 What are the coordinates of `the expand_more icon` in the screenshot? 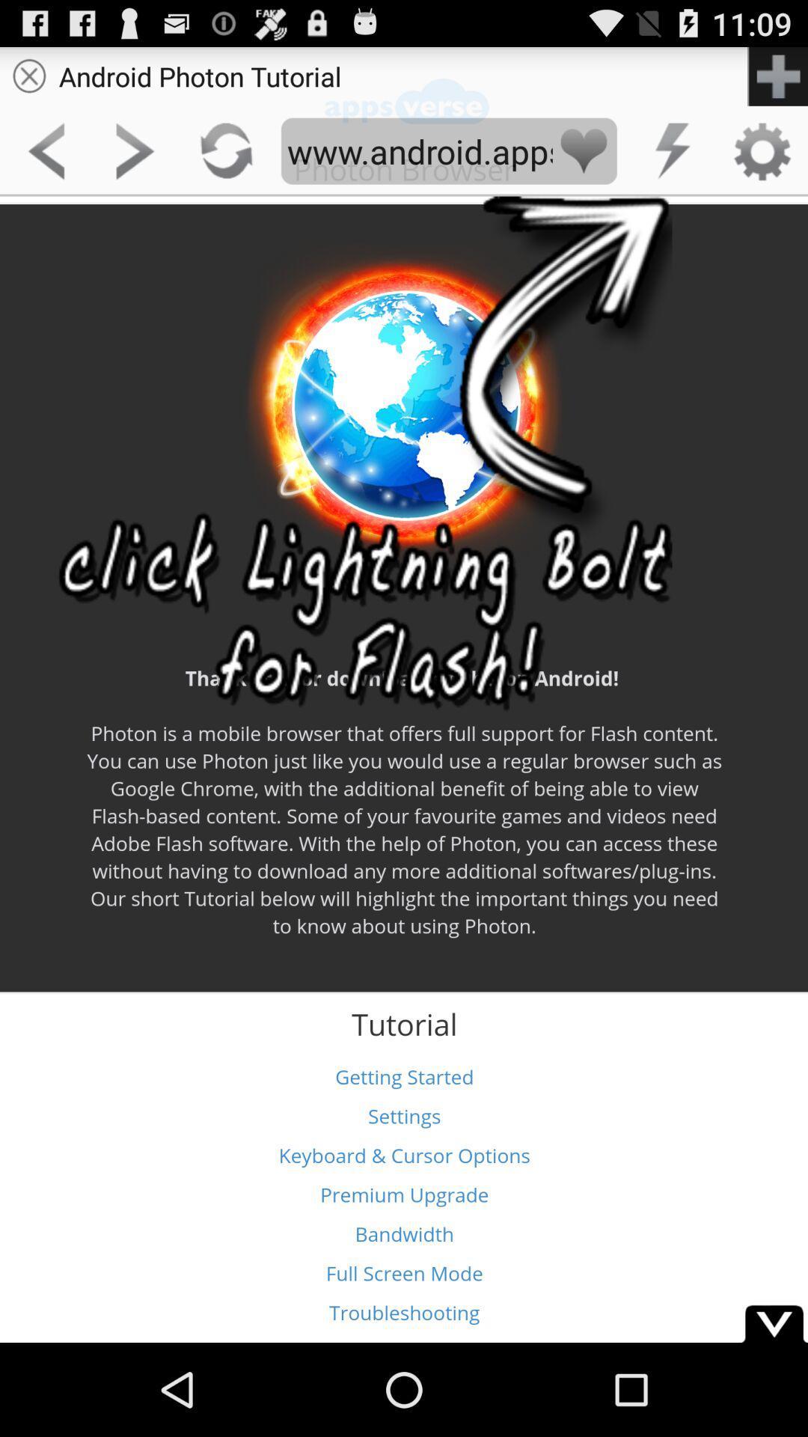 It's located at (774, 1407).